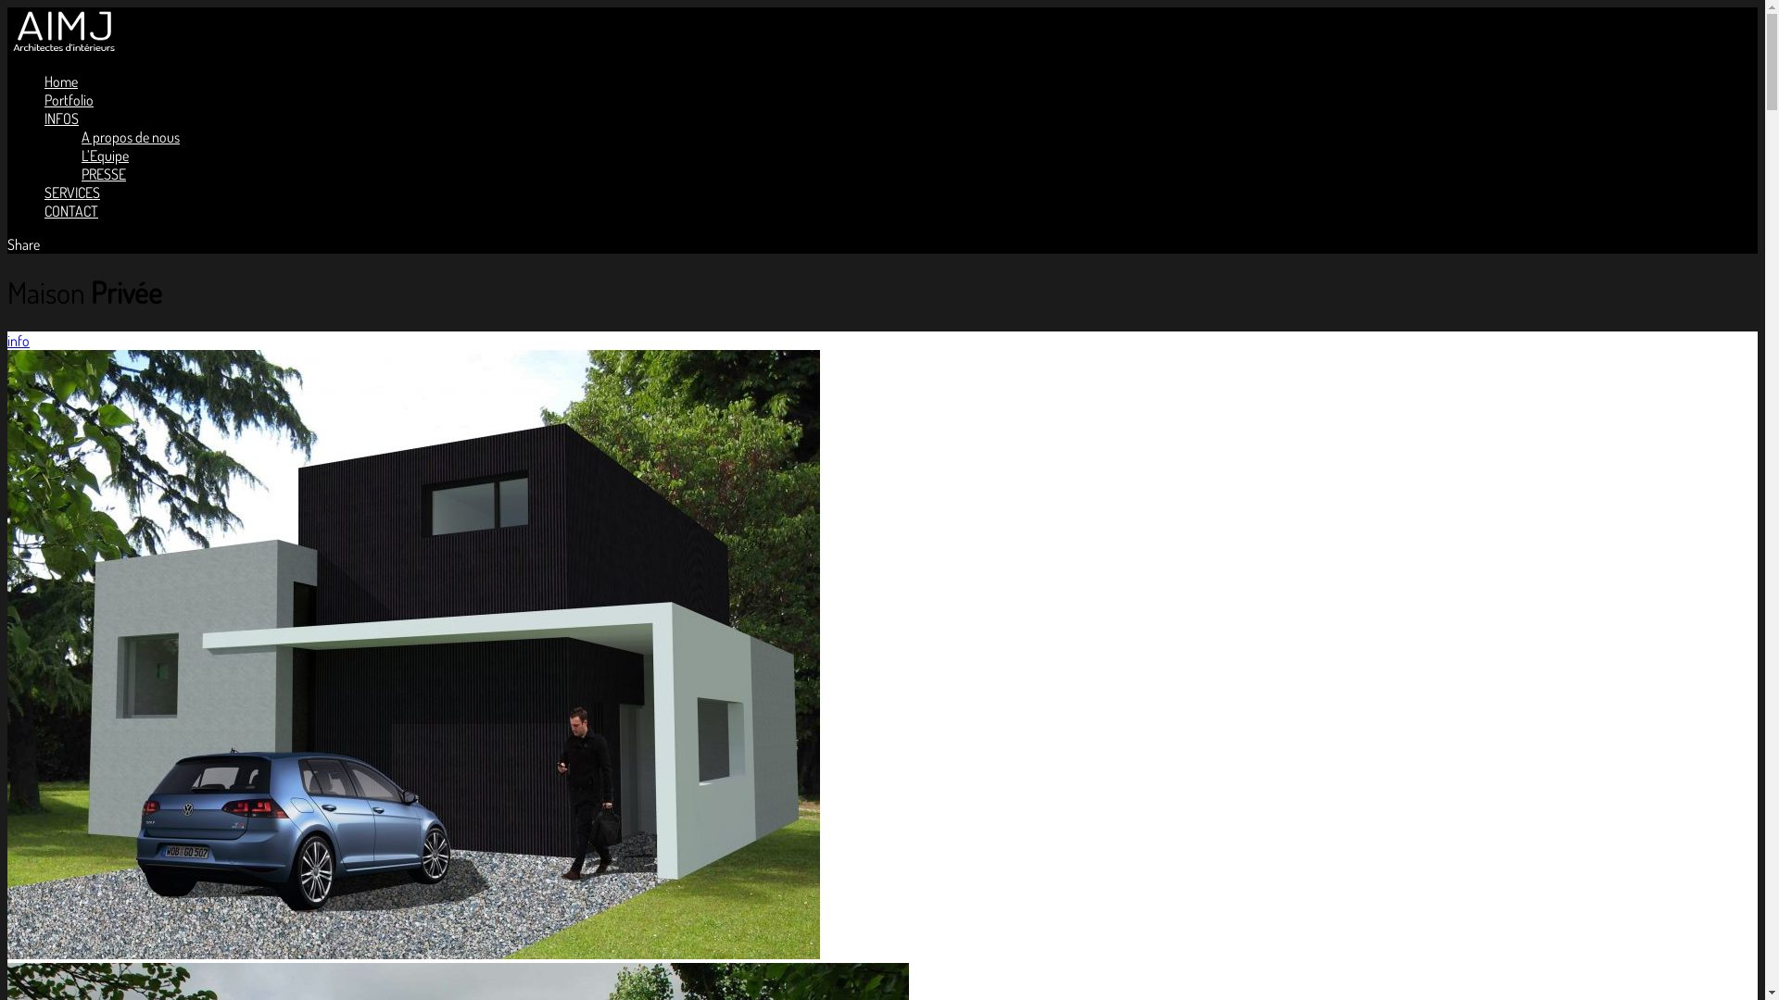 The width and height of the screenshot is (1779, 1000). I want to click on 'INFOS', so click(61, 118).